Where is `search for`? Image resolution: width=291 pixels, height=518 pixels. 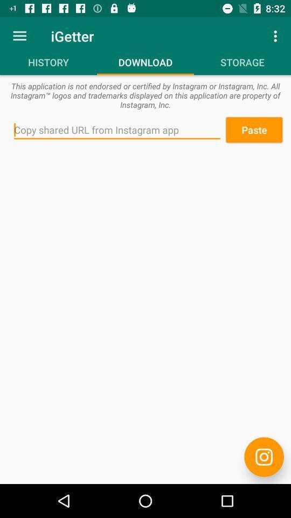
search for is located at coordinates (116, 129).